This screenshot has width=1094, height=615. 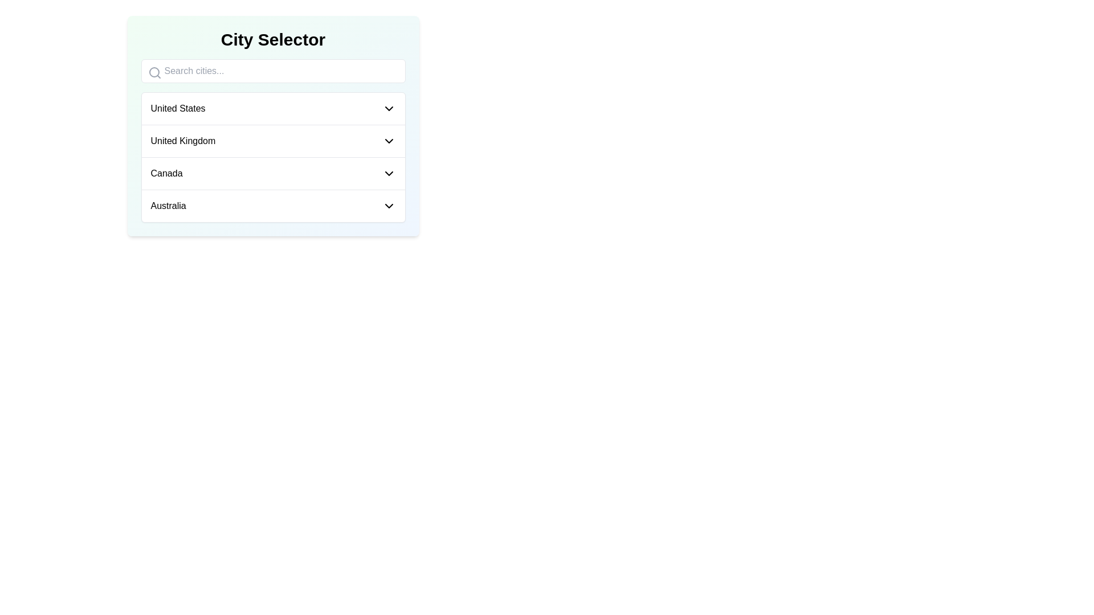 What do you see at coordinates (272, 174) in the screenshot?
I see `the dropdown list item labeled 'Canada'` at bounding box center [272, 174].